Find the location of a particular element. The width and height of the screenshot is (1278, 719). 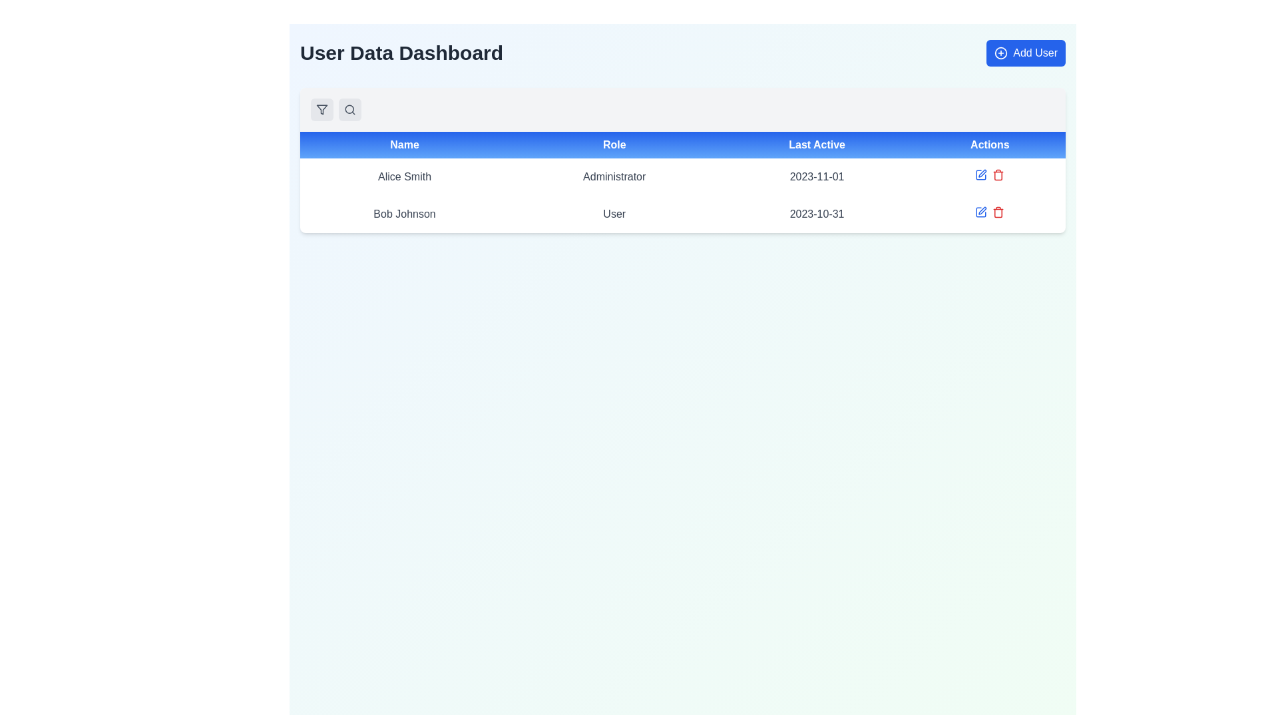

the trashcan icon representing the delete action for 'Bob Johnson' in the second row of the Actions column is located at coordinates (998, 212).